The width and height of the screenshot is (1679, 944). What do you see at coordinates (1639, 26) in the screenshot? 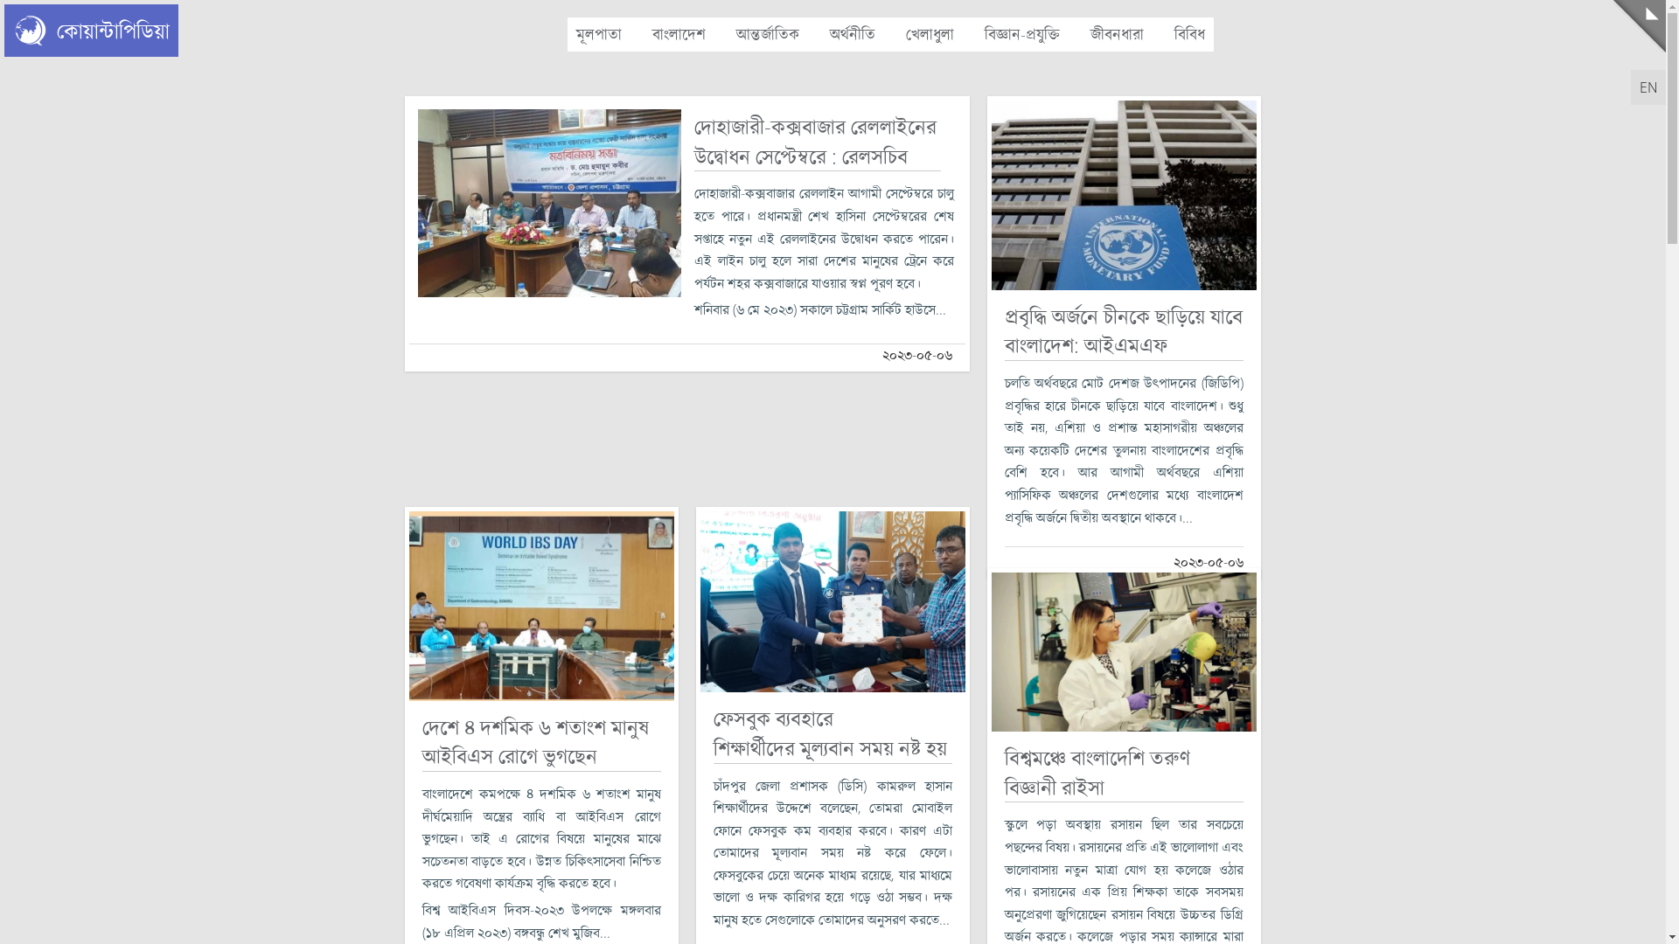
I see `'Menu'` at bounding box center [1639, 26].